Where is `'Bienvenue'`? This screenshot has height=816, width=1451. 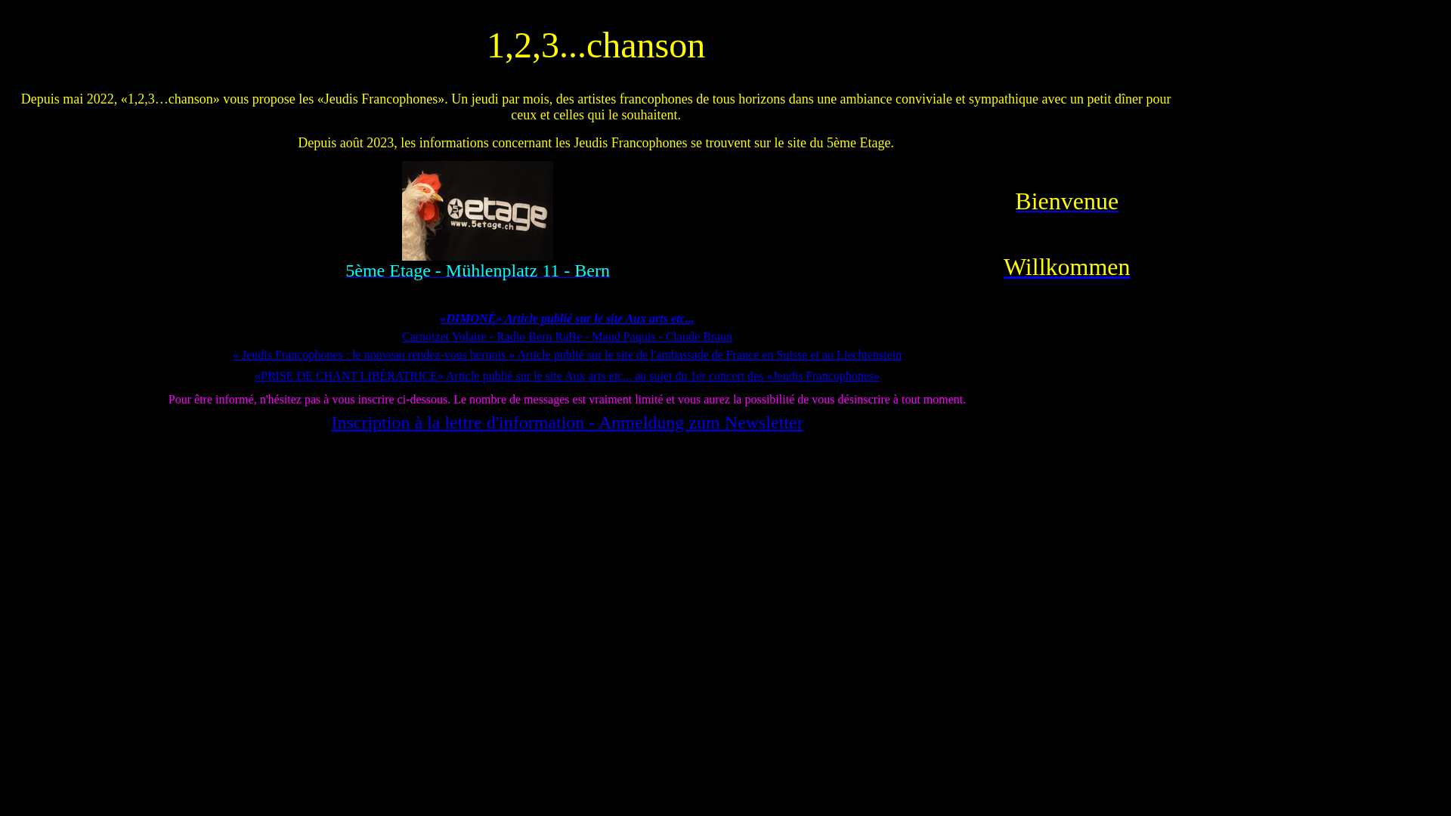 'Bienvenue' is located at coordinates (1066, 202).